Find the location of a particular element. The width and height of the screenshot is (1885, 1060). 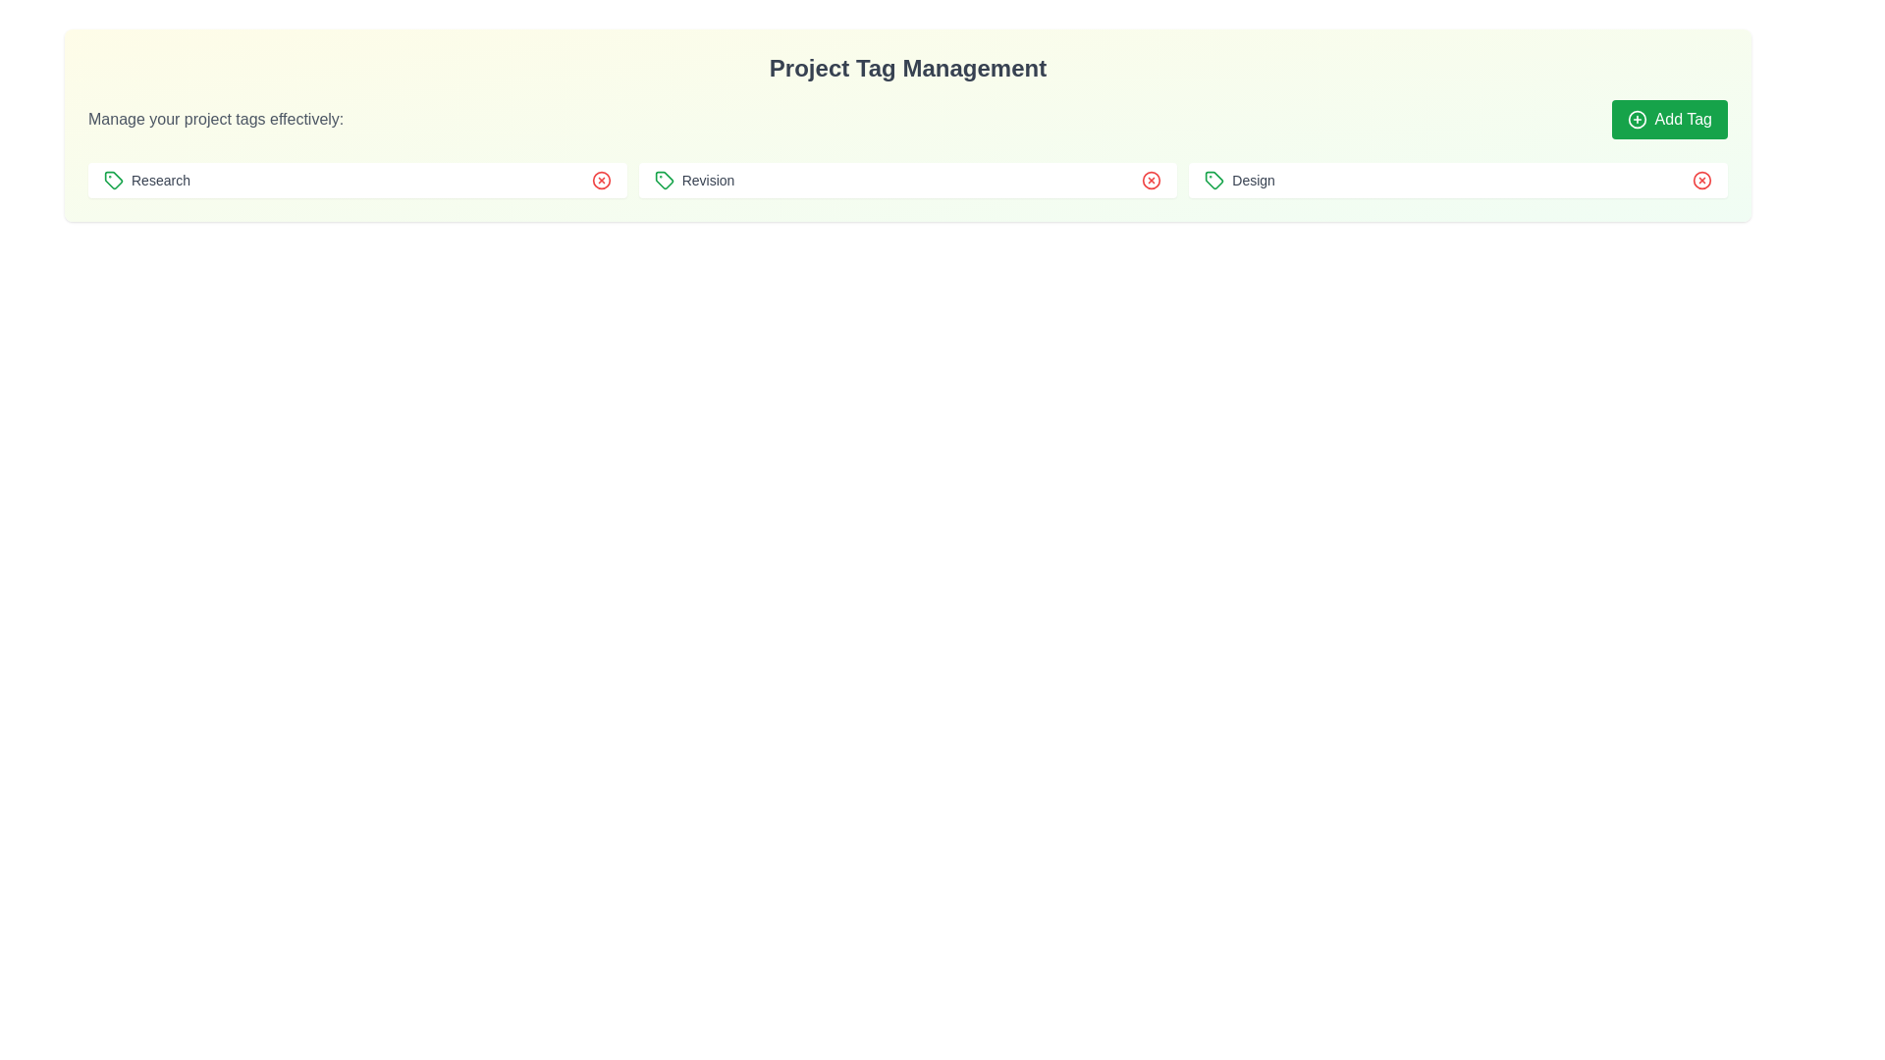

the decorative graphical icon of the 'Add Tag' button, which features a '+' sign within a circle, located at the top-right corner of the interface is located at coordinates (1637, 120).